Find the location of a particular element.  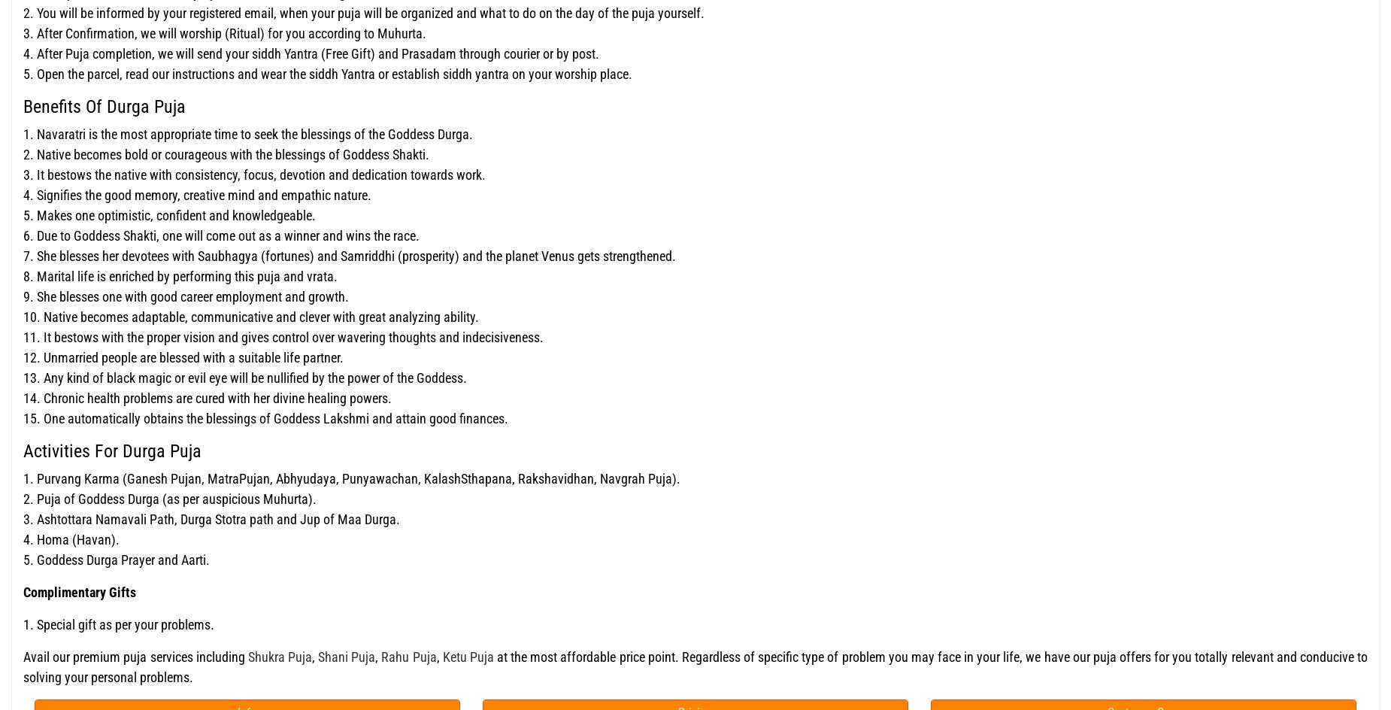

'5. Makes one optimistic, confident and knowledgeable.' is located at coordinates (168, 215).